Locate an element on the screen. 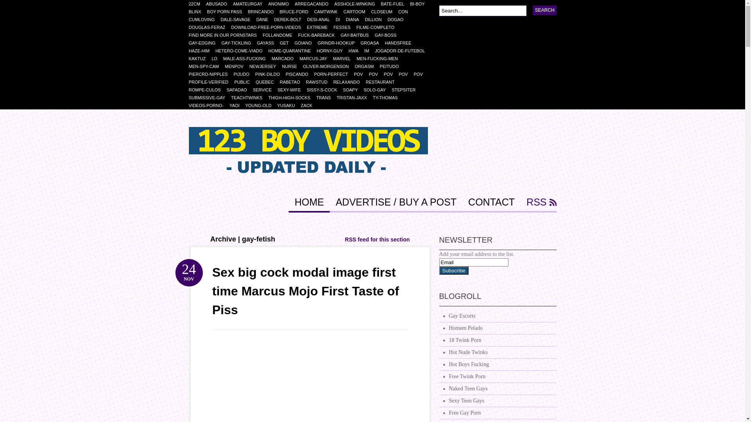  'CUMLOVING' is located at coordinates (205, 19).